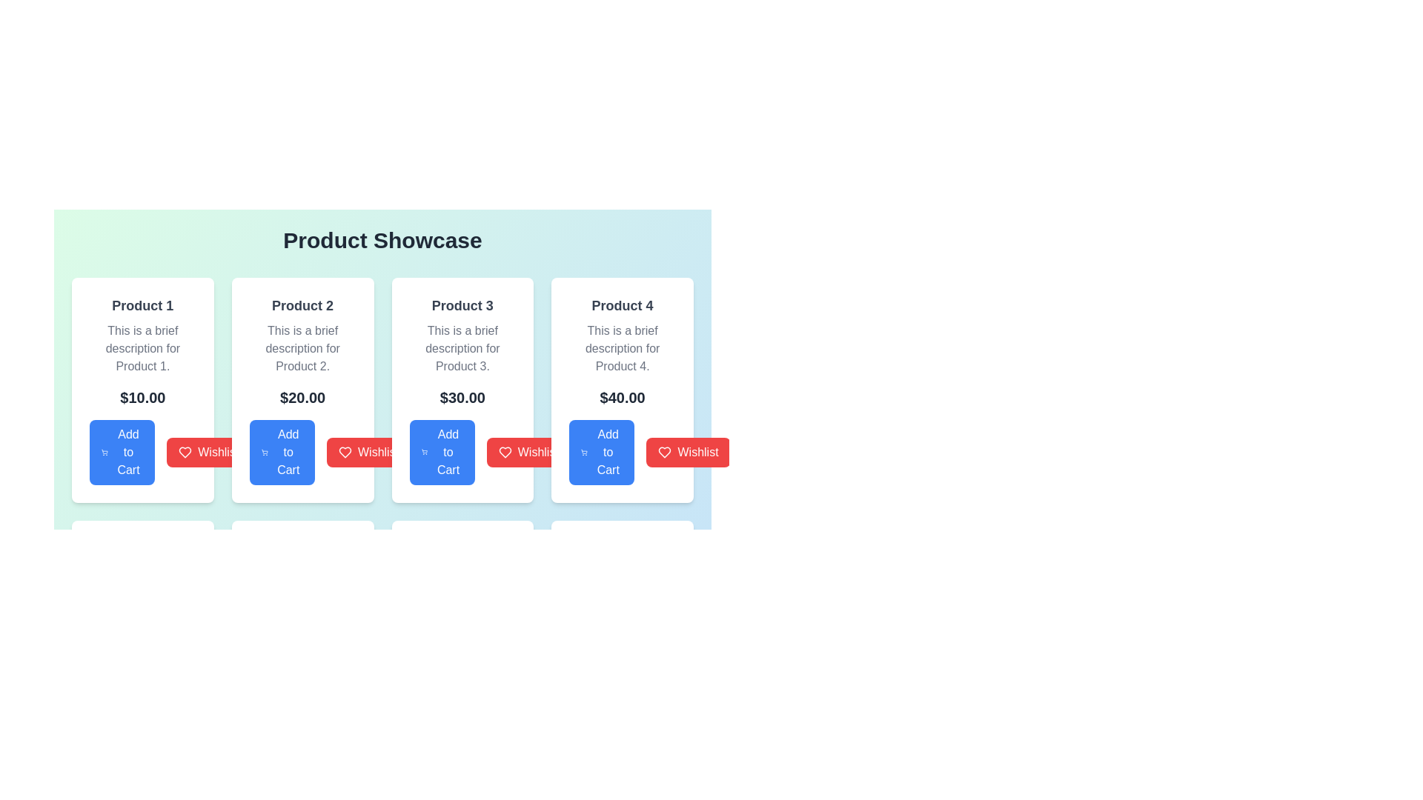  Describe the element at coordinates (302, 451) in the screenshot. I see `the first button in the product card for 'Product 2'` at that location.